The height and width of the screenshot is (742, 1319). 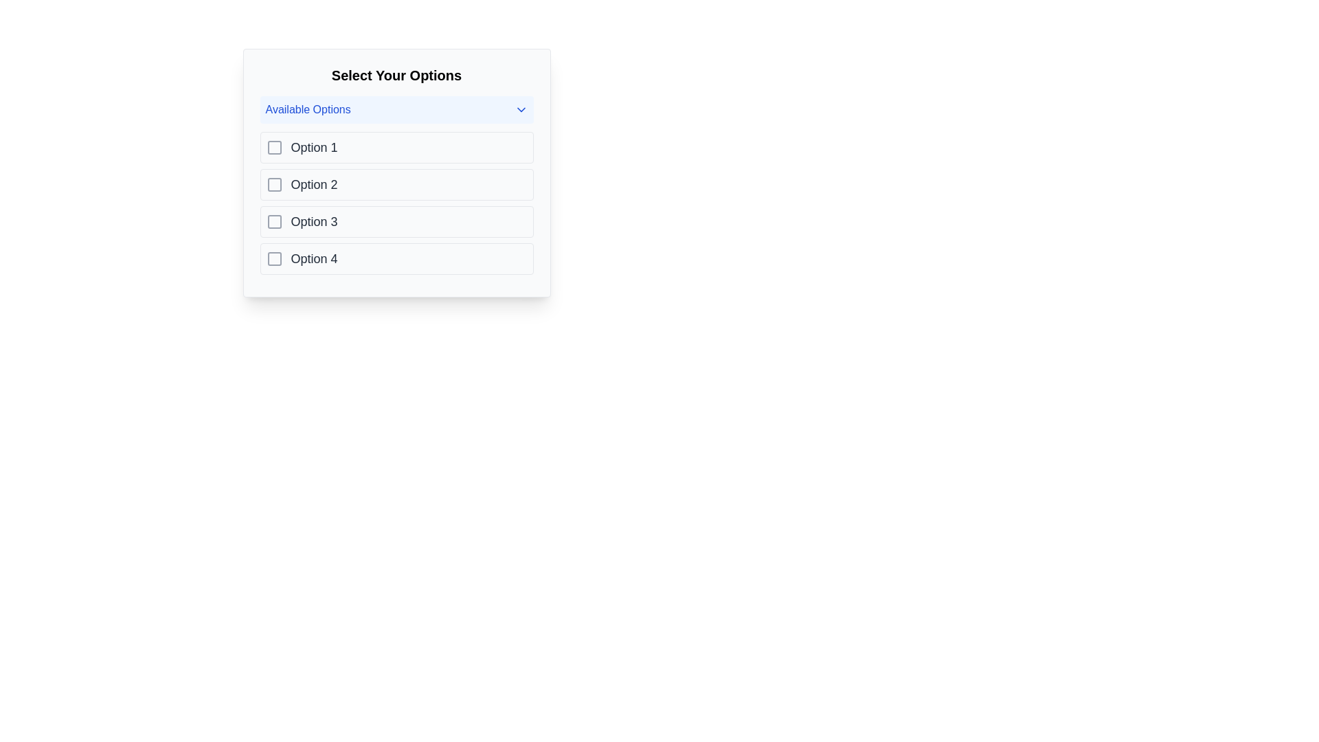 What do you see at coordinates (313, 259) in the screenshot?
I see `the text label 'Option 4' styled in a large gray font, which is part of a clickable list item in the fourth position of the vertical list within the 'Select Your Options' panel` at bounding box center [313, 259].